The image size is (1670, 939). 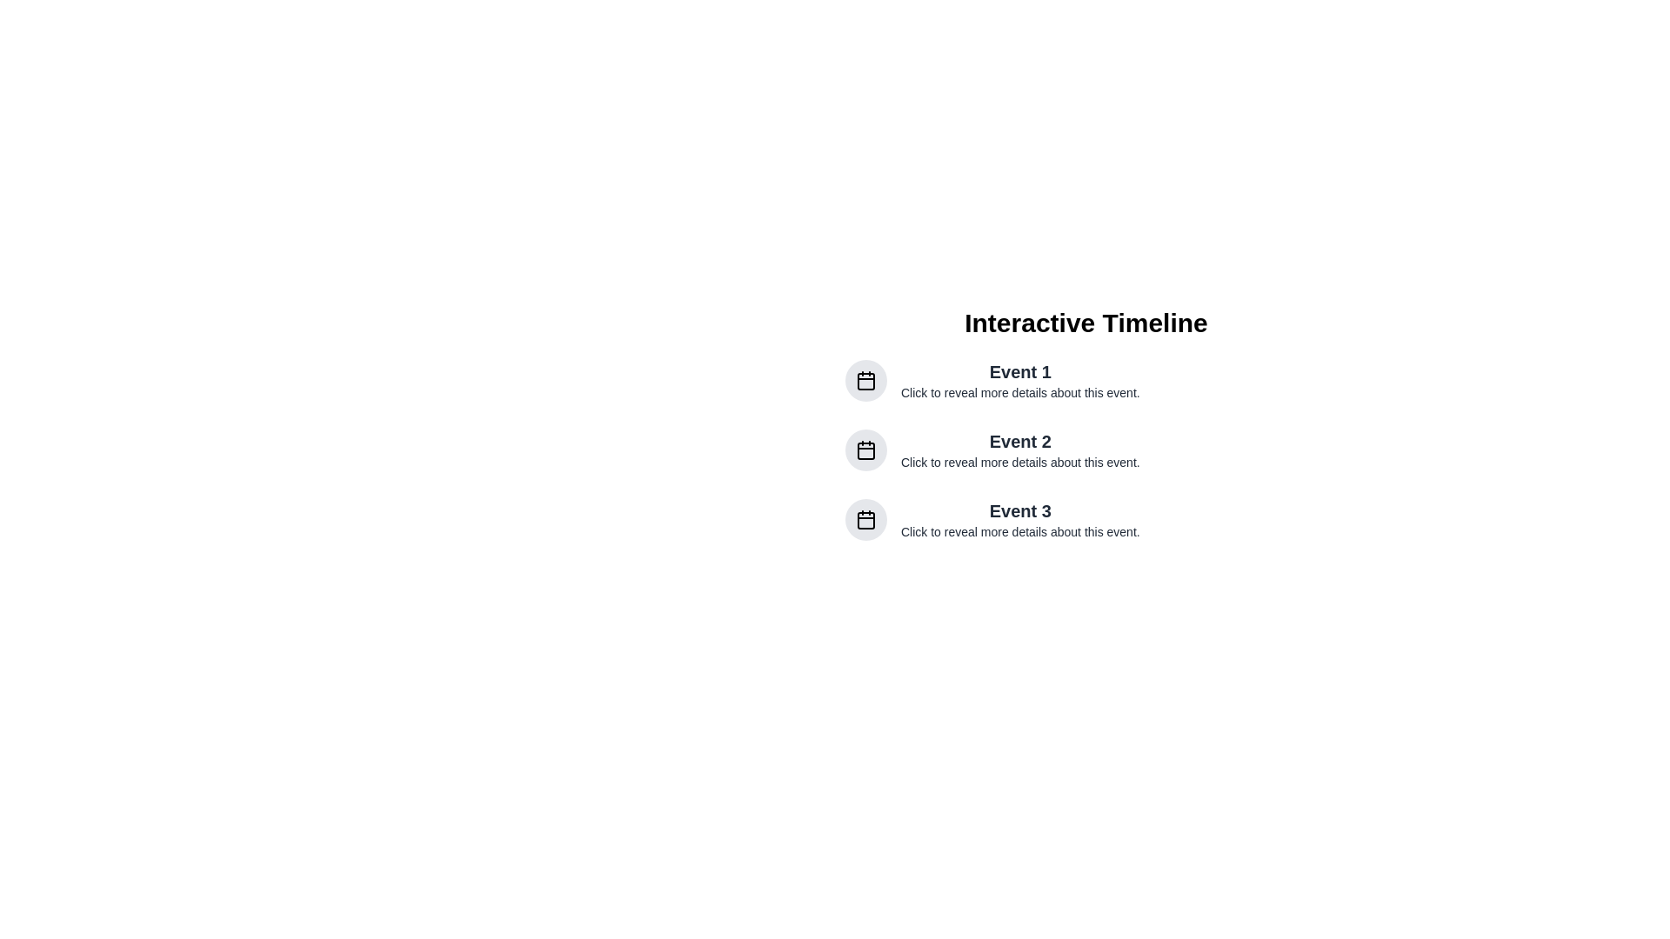 What do you see at coordinates (1020, 392) in the screenshot?
I see `the text label that reads 'Click` at bounding box center [1020, 392].